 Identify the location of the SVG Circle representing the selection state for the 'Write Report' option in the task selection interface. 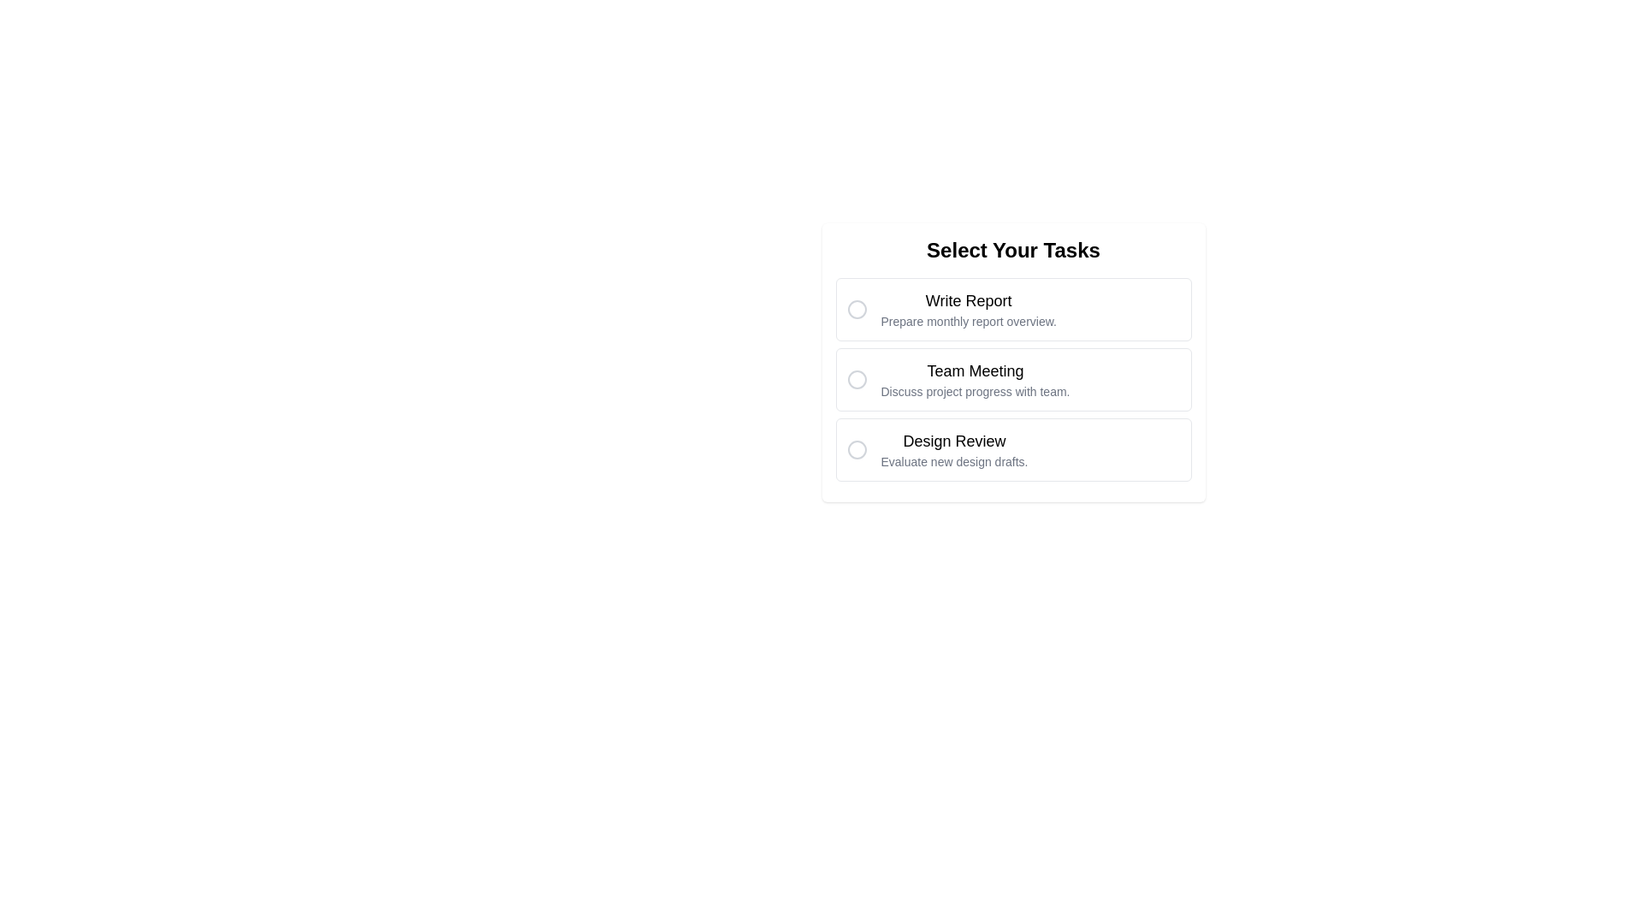
(857, 310).